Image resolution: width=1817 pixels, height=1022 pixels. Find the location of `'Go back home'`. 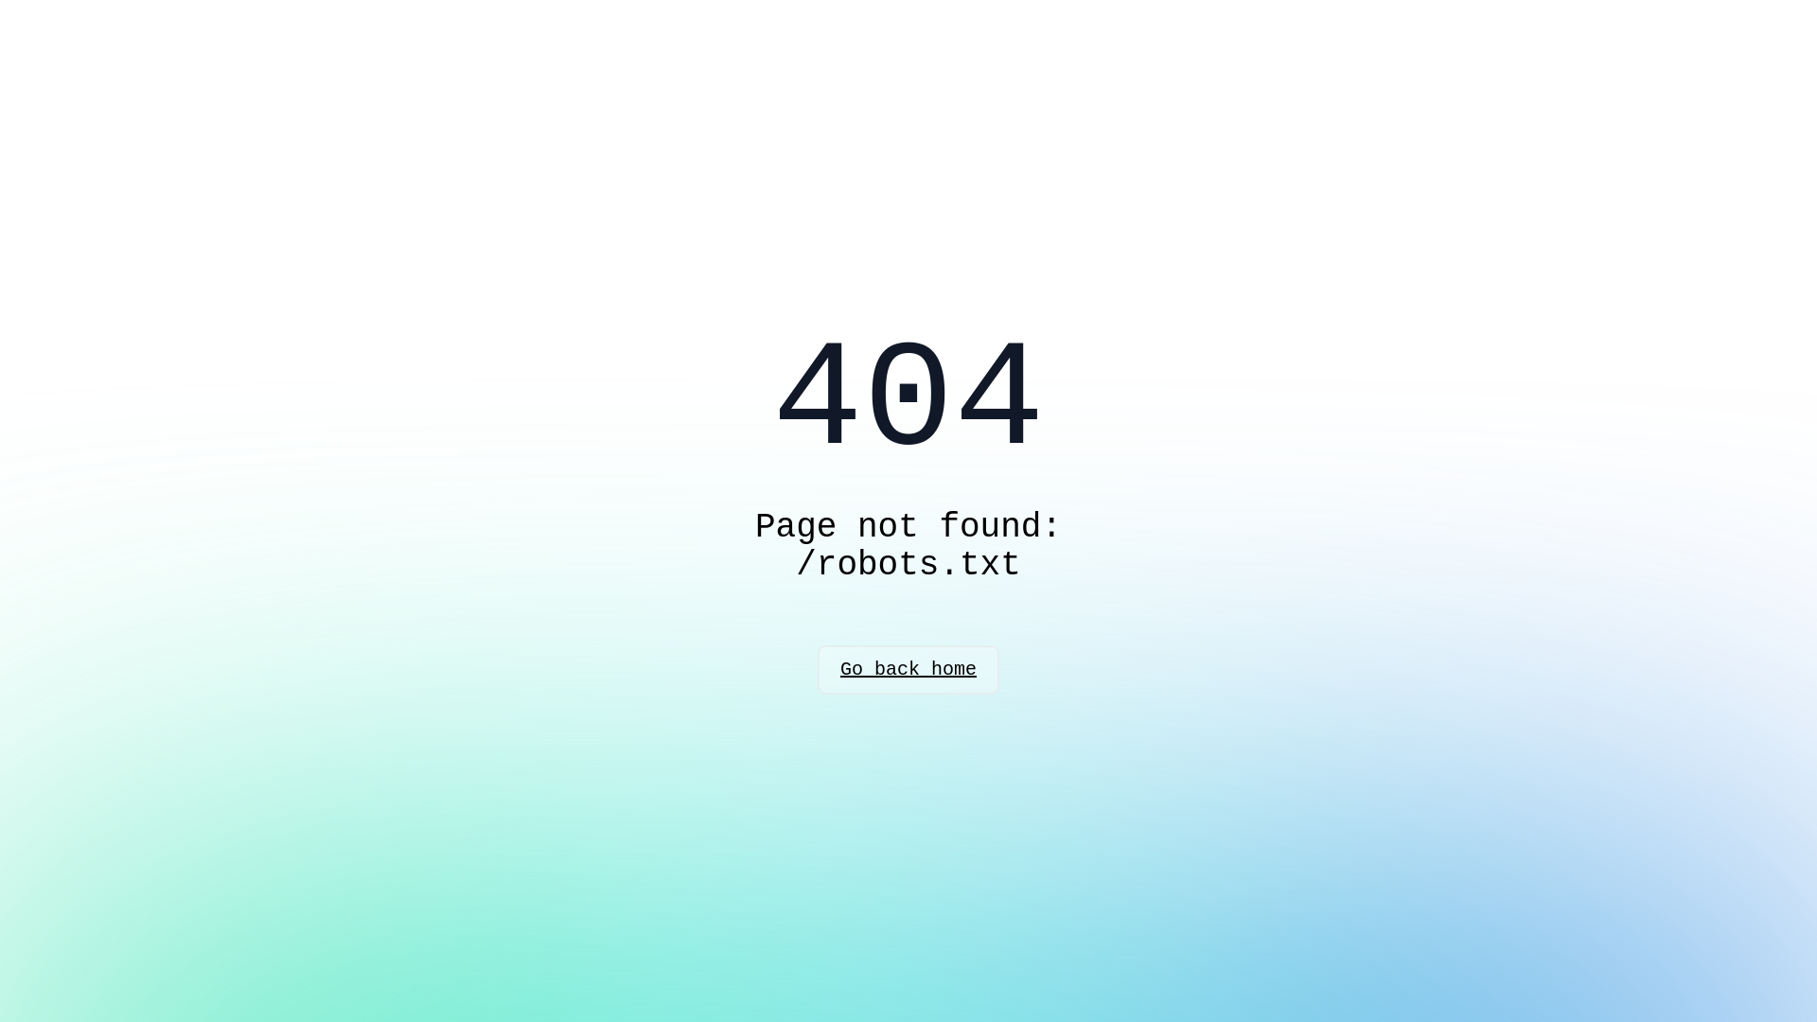

'Go back home' is located at coordinates (908, 669).